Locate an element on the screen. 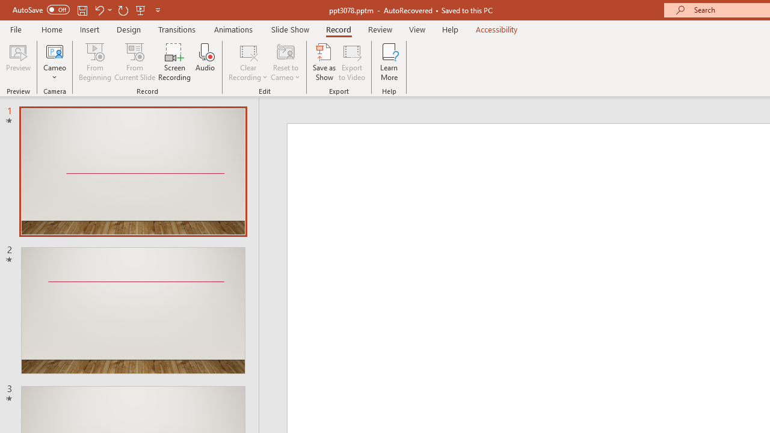  'Preview' is located at coordinates (18, 62).